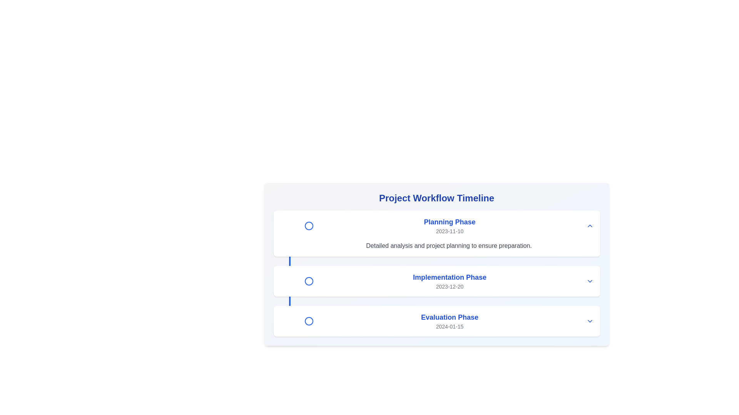 This screenshot has width=739, height=415. What do you see at coordinates (309, 281) in the screenshot?
I see `the second circular graphical icon in the vertical timeline layout, which indicates the 'Implementation Phase' dated '2023-12-20'` at bounding box center [309, 281].